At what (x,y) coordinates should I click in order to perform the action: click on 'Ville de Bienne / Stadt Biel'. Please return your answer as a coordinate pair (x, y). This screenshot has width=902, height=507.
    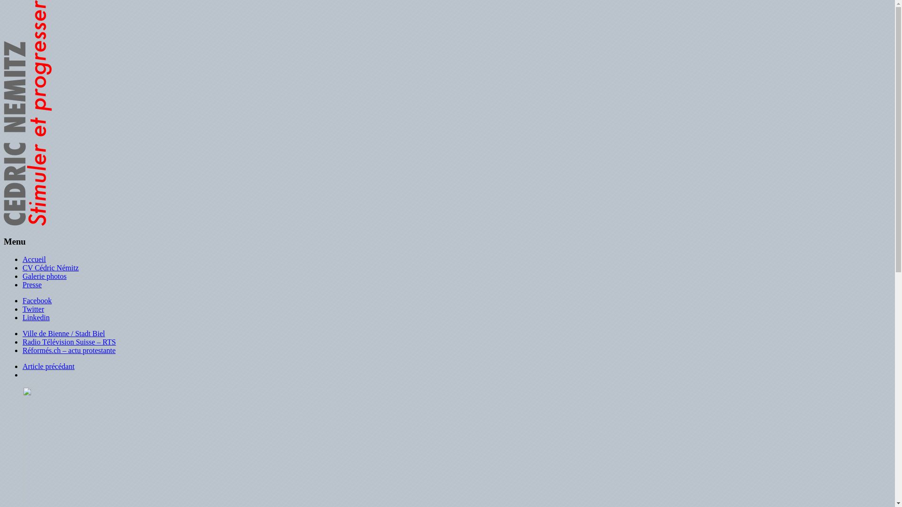
    Looking at the image, I should click on (63, 333).